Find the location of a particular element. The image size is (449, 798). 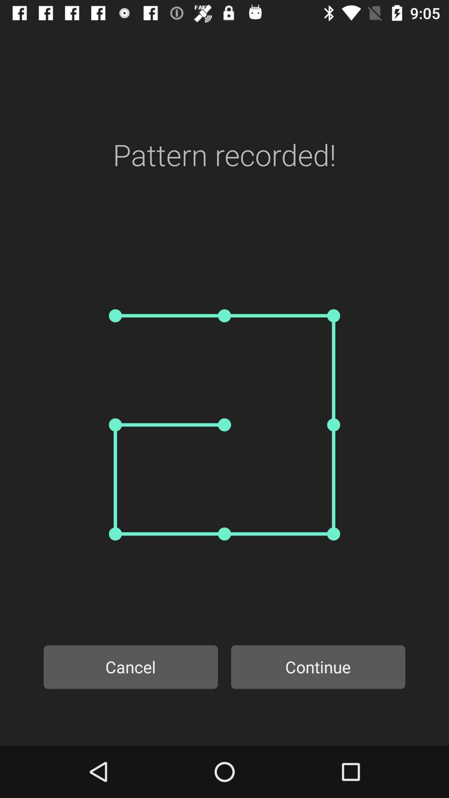

the icon next to continue icon is located at coordinates (131, 667).